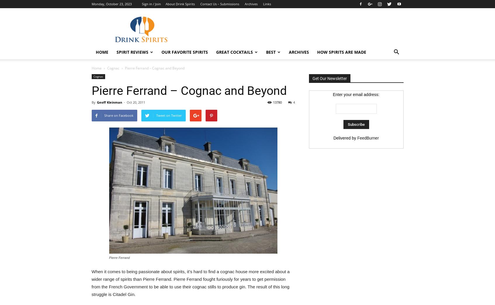  Describe the element at coordinates (119, 258) in the screenshot. I see `'Pierre Ferrand'` at that location.